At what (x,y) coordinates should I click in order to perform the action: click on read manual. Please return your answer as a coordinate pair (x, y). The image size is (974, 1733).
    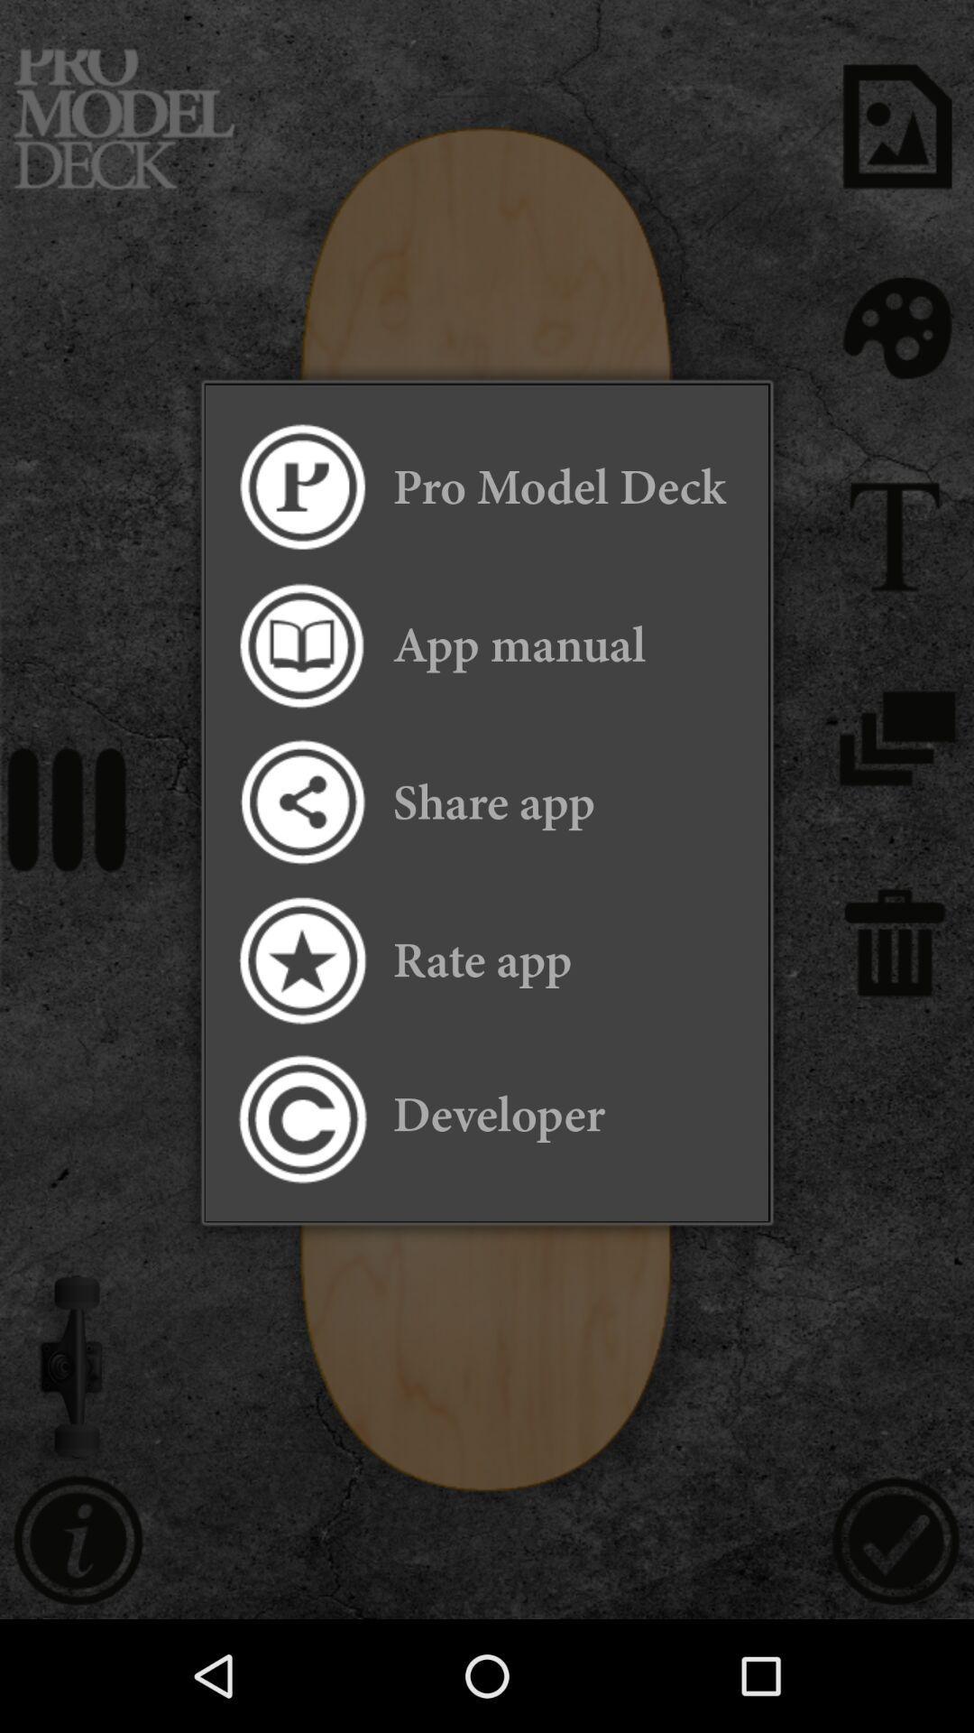
    Looking at the image, I should click on (300, 645).